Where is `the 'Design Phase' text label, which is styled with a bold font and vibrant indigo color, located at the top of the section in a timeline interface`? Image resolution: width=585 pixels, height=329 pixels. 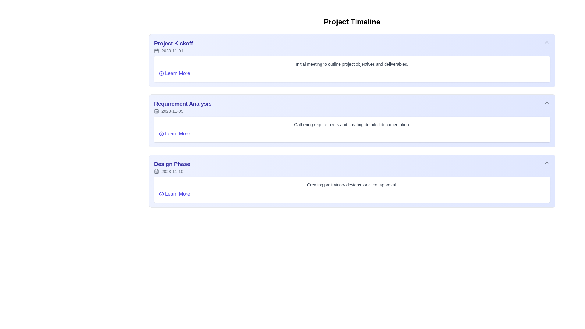
the 'Design Phase' text label, which is styled with a bold font and vibrant indigo color, located at the top of the section in a timeline interface is located at coordinates (172, 164).